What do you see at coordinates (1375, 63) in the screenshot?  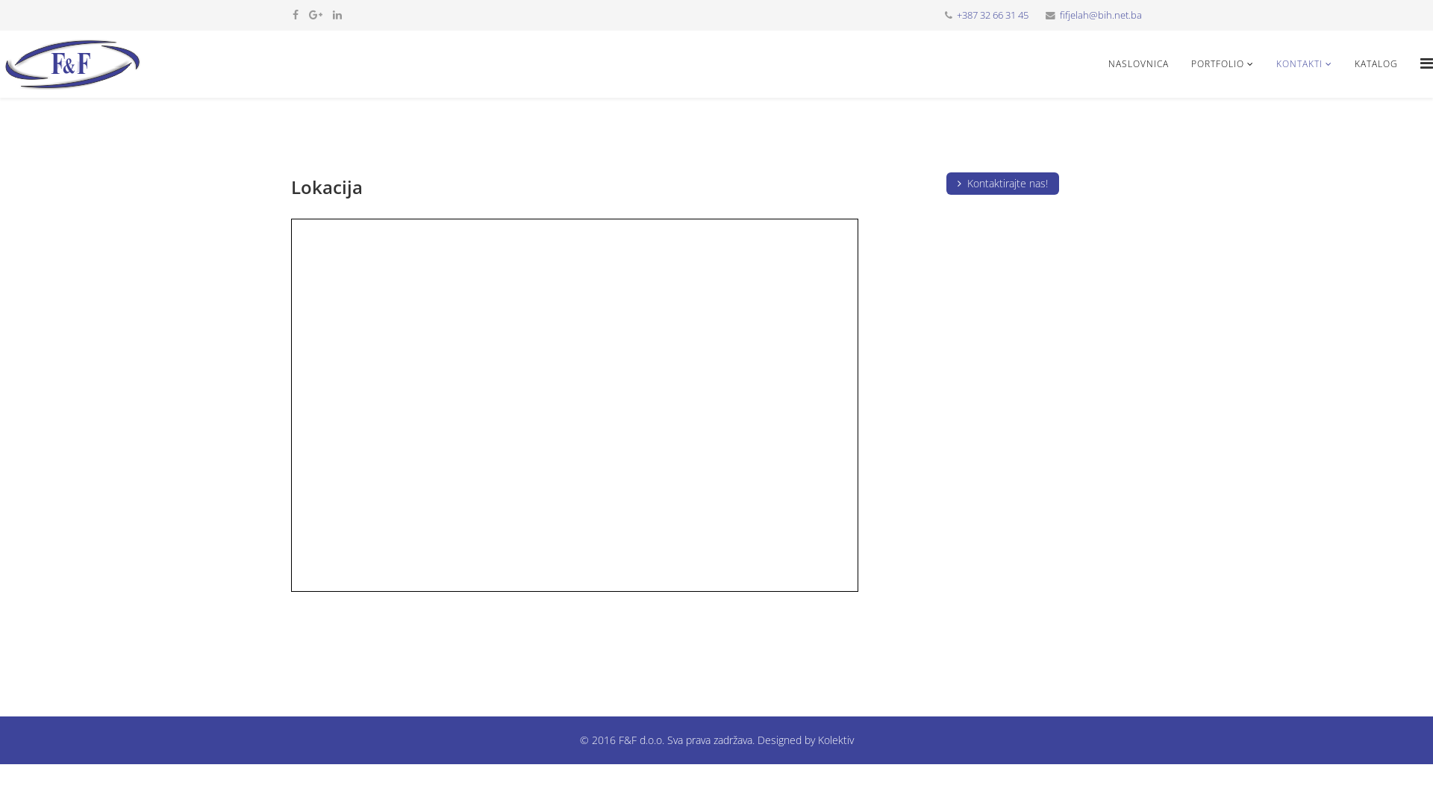 I see `'KATALOG'` at bounding box center [1375, 63].